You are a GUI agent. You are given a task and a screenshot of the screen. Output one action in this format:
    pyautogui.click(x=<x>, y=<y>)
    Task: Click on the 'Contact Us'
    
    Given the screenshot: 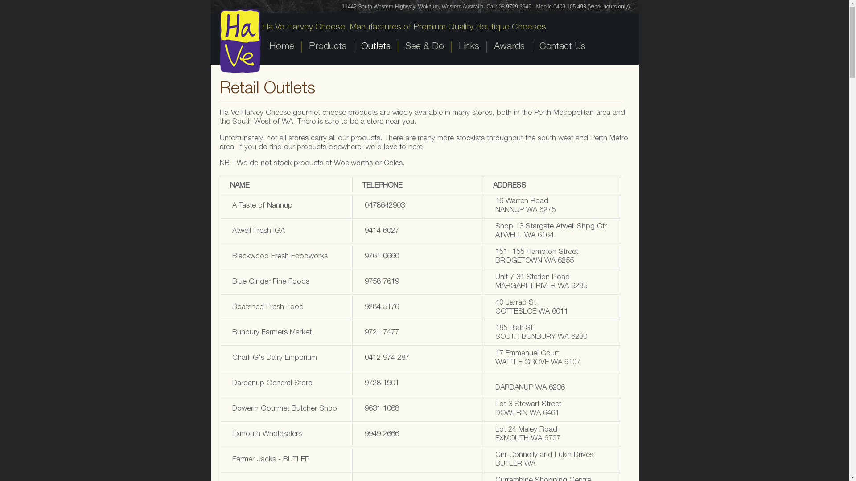 What is the action you would take?
    pyautogui.click(x=561, y=47)
    